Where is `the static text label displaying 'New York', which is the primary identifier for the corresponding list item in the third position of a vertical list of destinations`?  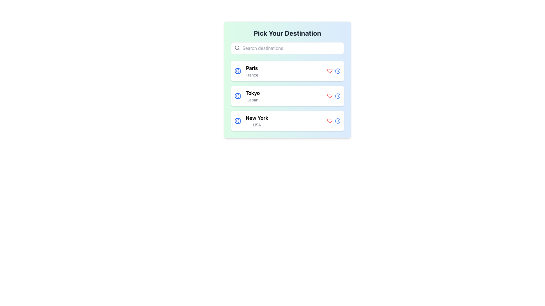 the static text label displaying 'New York', which is the primary identifier for the corresponding list item in the third position of a vertical list of destinations is located at coordinates (257, 118).